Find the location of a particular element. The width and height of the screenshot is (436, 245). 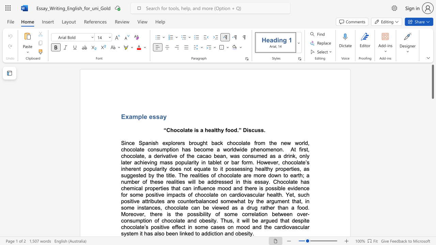

the scrollbar on the right side to scroll the page down is located at coordinates (432, 214).